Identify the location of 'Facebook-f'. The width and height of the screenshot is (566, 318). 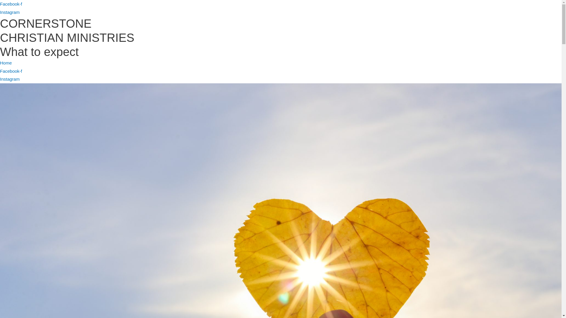
(11, 71).